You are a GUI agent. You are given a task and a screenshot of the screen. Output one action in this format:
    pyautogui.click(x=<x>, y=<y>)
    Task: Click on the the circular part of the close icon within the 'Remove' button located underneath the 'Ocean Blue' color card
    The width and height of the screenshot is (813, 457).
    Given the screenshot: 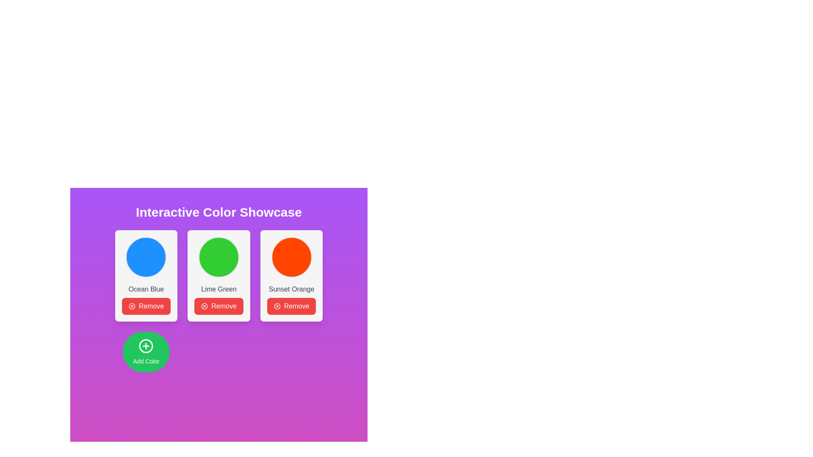 What is the action you would take?
    pyautogui.click(x=131, y=306)
    